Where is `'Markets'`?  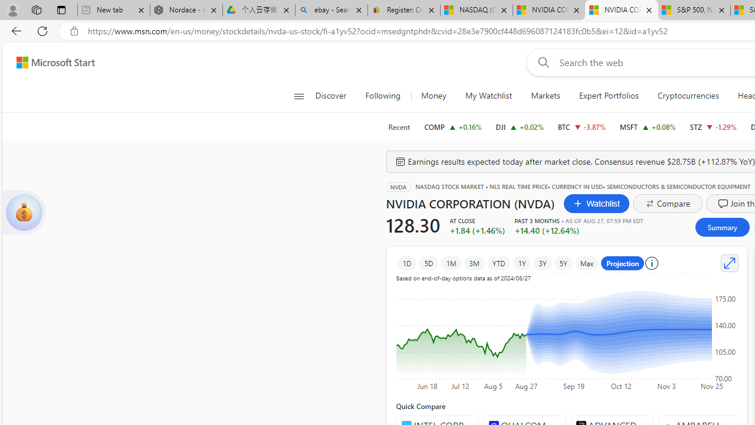
'Markets' is located at coordinates (545, 96).